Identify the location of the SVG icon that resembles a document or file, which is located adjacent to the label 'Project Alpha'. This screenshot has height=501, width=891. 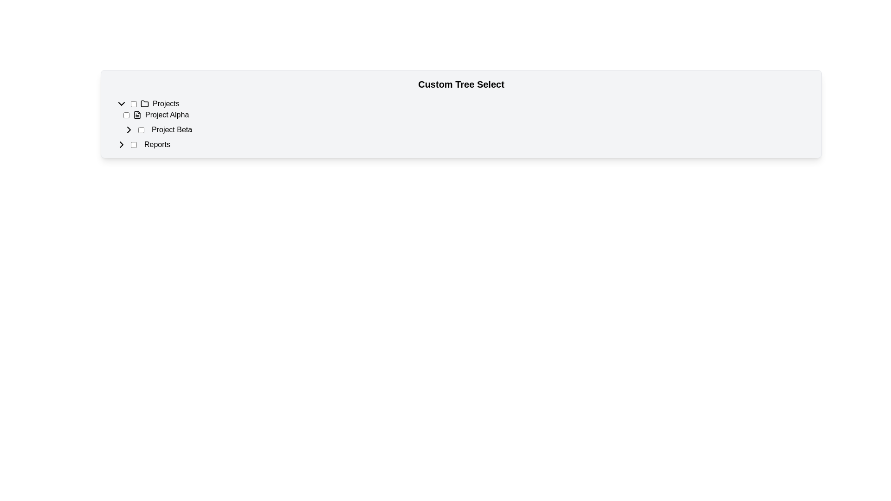
(137, 114).